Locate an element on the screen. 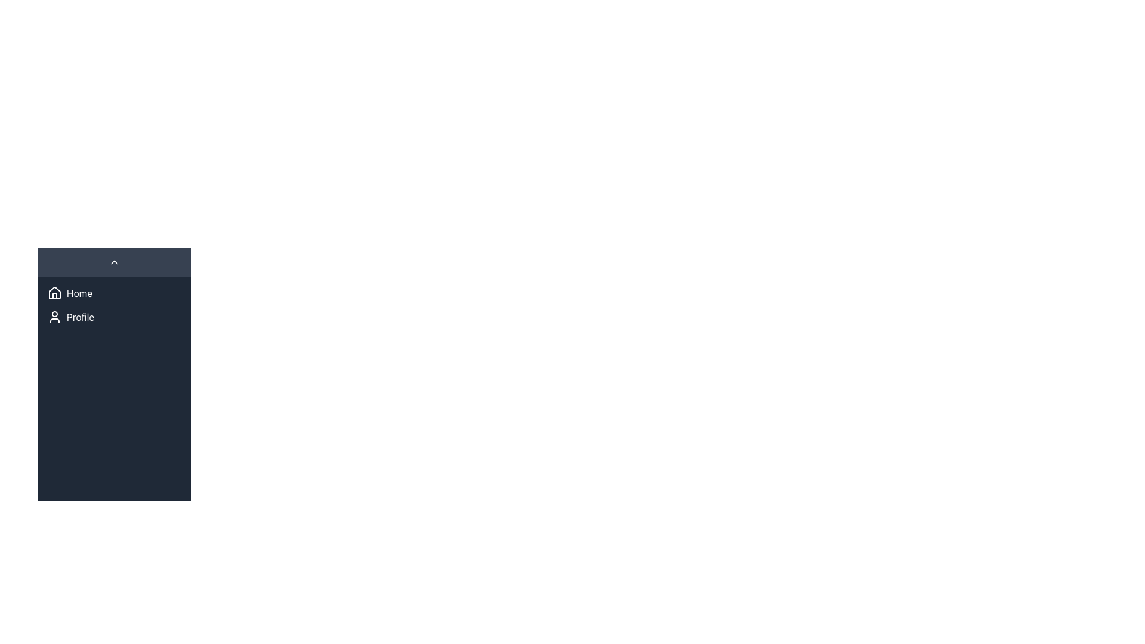 This screenshot has height=644, width=1145. the house icon located in the vertical navigation menu is located at coordinates (54, 293).